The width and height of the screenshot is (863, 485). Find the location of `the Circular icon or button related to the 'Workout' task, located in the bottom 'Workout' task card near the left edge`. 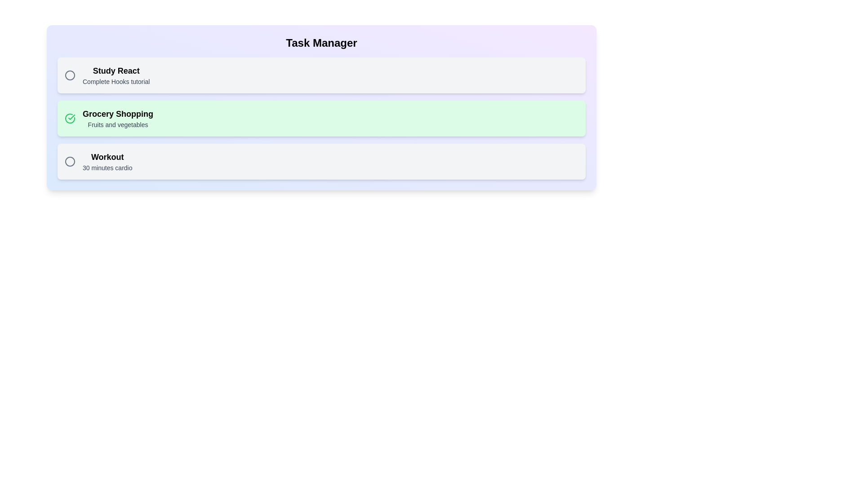

the Circular icon or button related to the 'Workout' task, located in the bottom 'Workout' task card near the left edge is located at coordinates (70, 161).